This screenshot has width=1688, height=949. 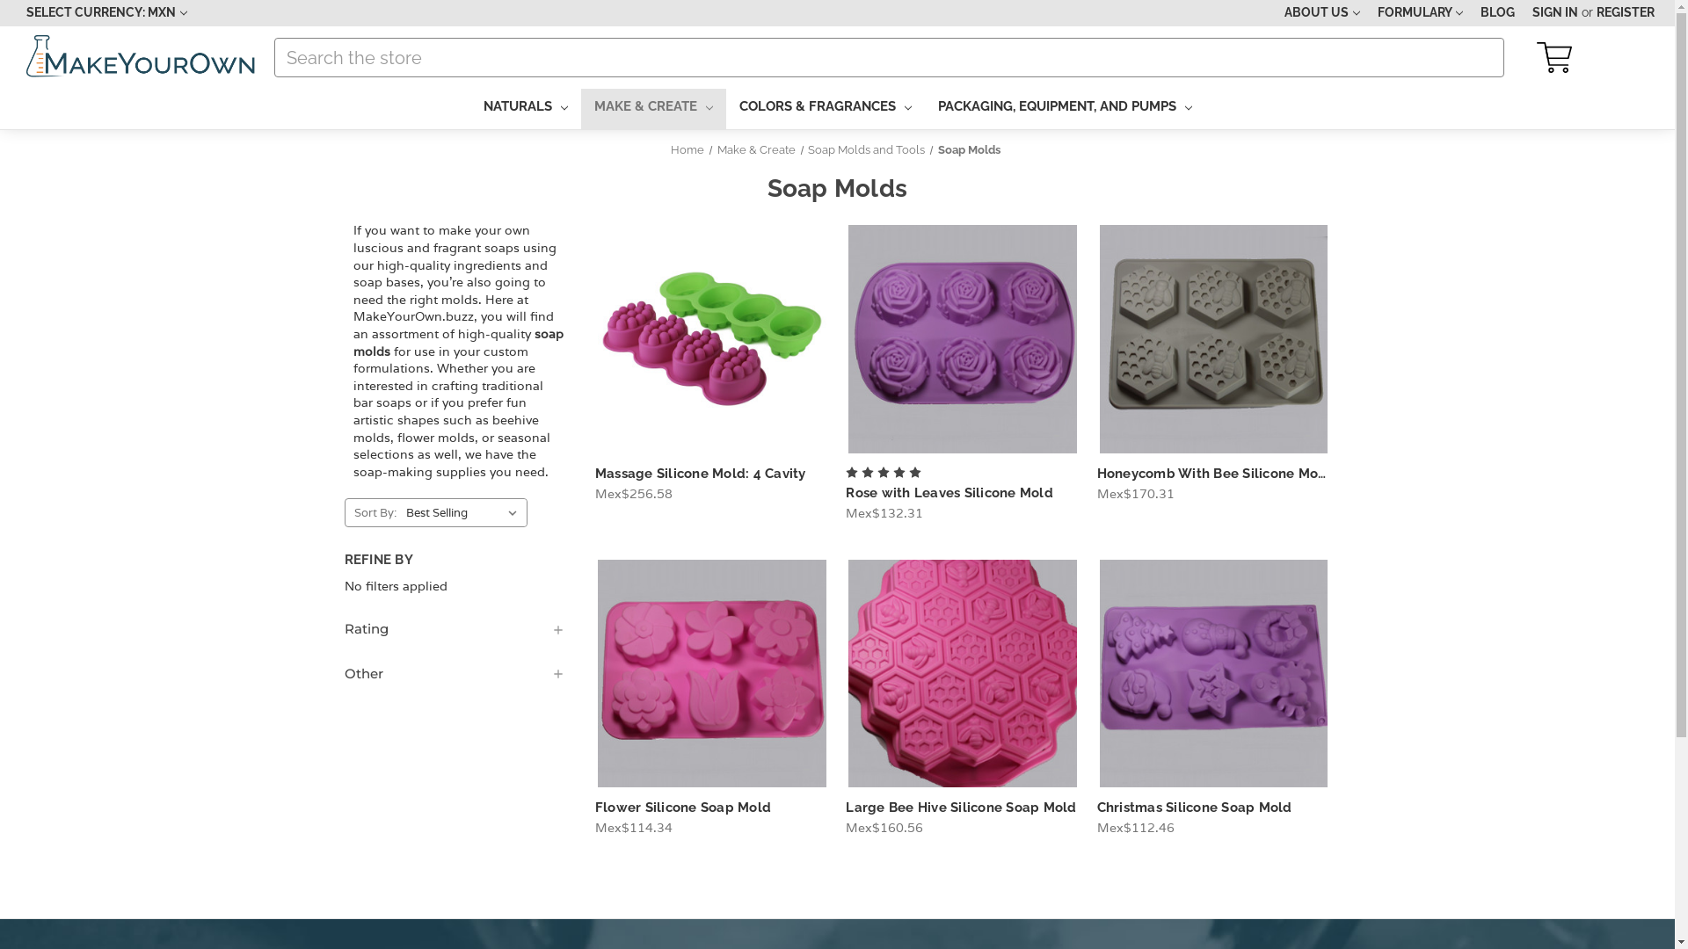 I want to click on 'MAKE & CREATE', so click(x=651, y=108).